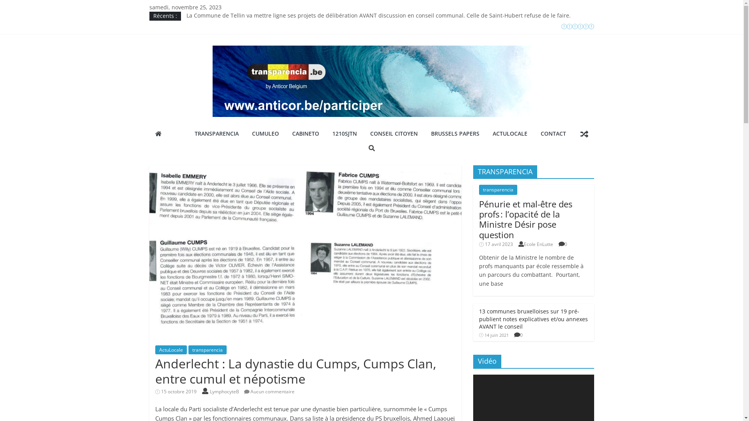  I want to click on 'Transparencia au Parlement Wallon', so click(186, 33).